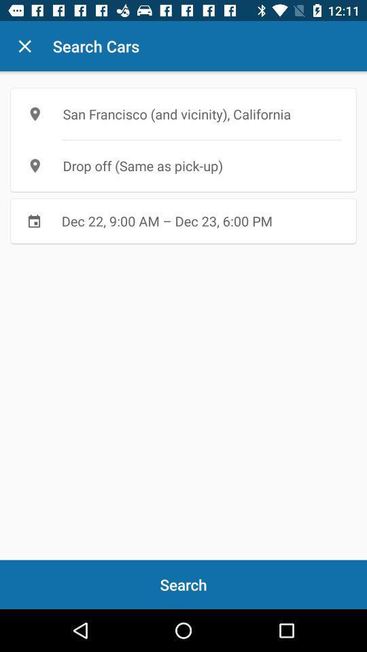  Describe the element at coordinates (183, 165) in the screenshot. I see `the drop off same` at that location.